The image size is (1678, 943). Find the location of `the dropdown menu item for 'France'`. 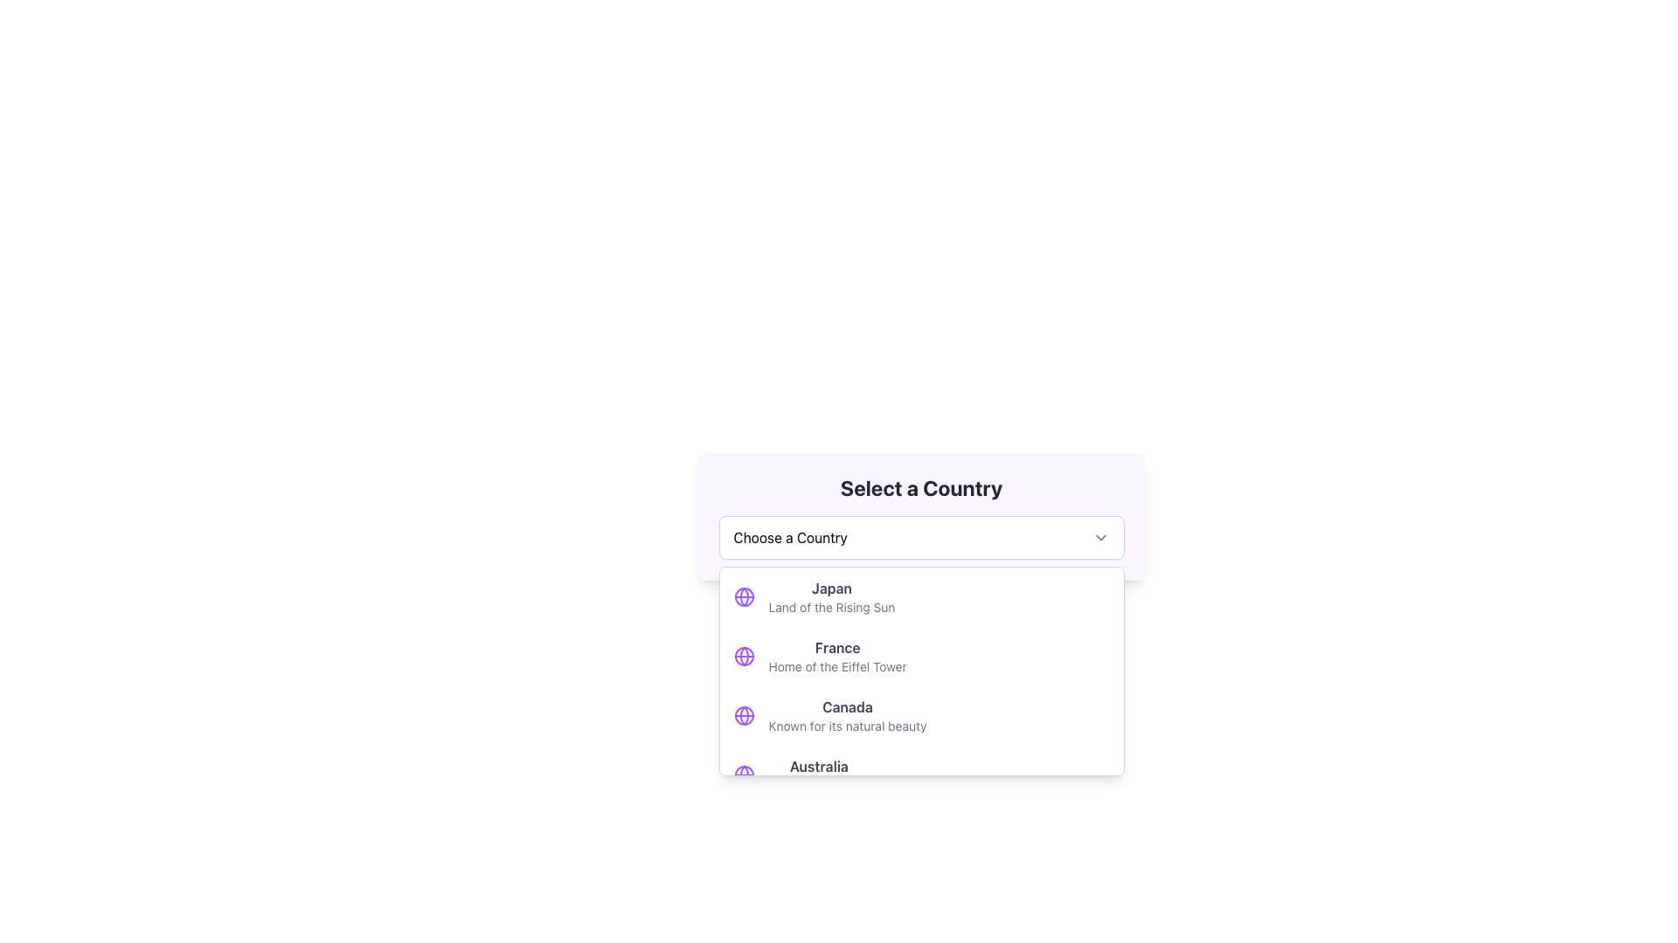

the dropdown menu item for 'France' is located at coordinates (920, 657).